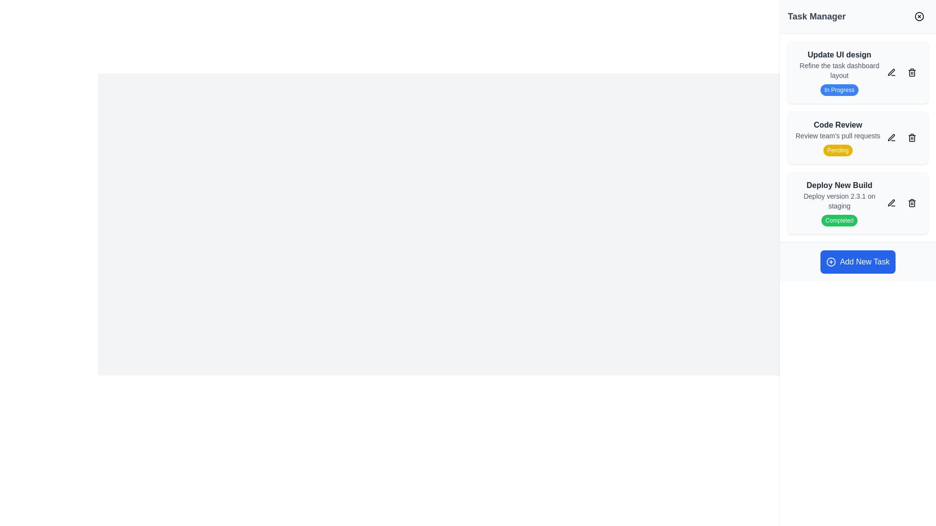  Describe the element at coordinates (912, 202) in the screenshot. I see `the trash can icon representing the delete functionality located at the far right of the 'Deploy New Build' task card in the Task Manager panel` at that location.